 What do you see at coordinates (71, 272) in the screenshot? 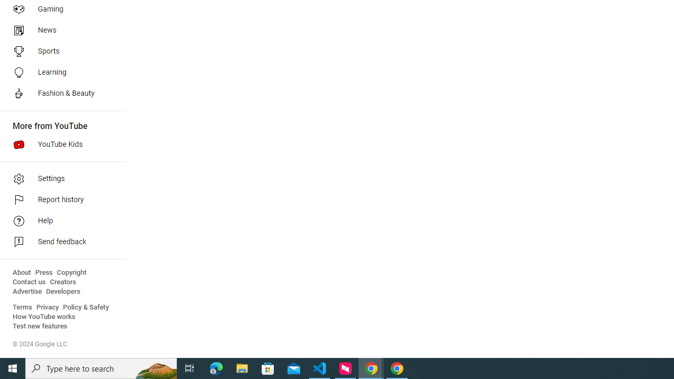
I see `'Copyright'` at bounding box center [71, 272].